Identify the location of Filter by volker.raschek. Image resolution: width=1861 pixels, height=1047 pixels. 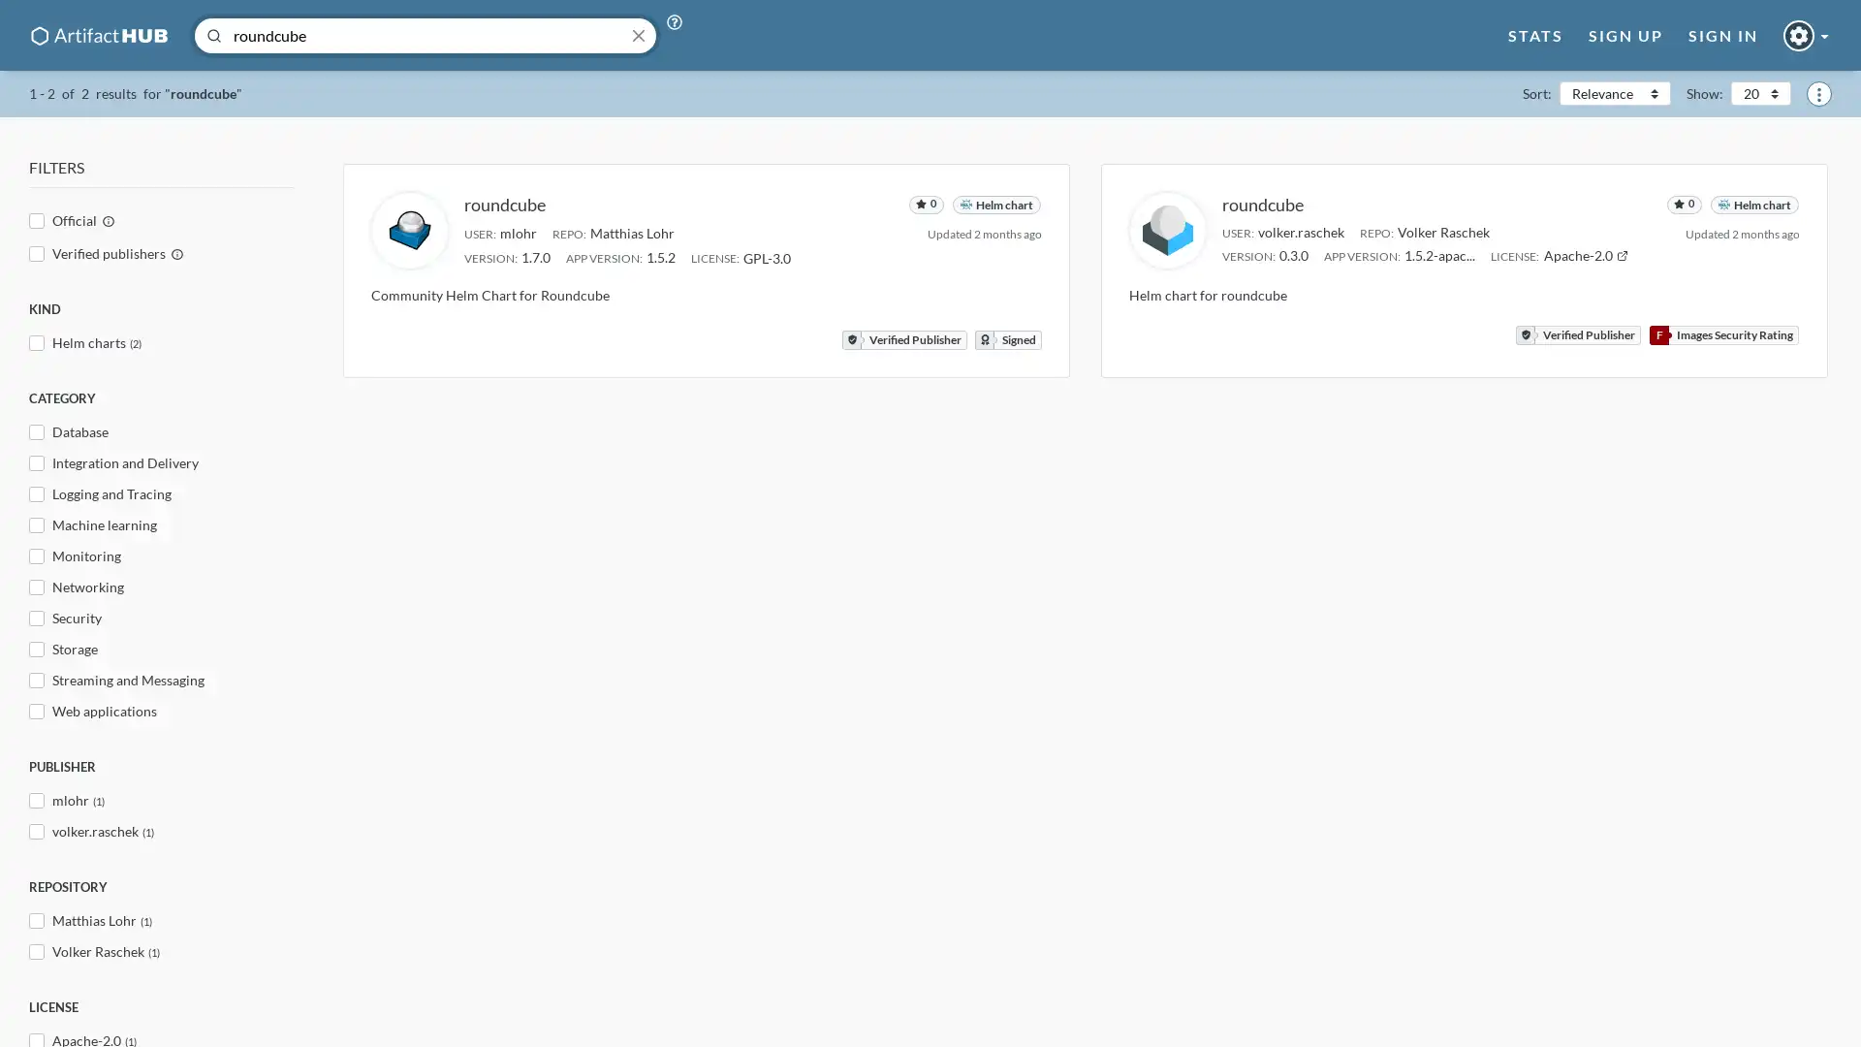
(1301, 231).